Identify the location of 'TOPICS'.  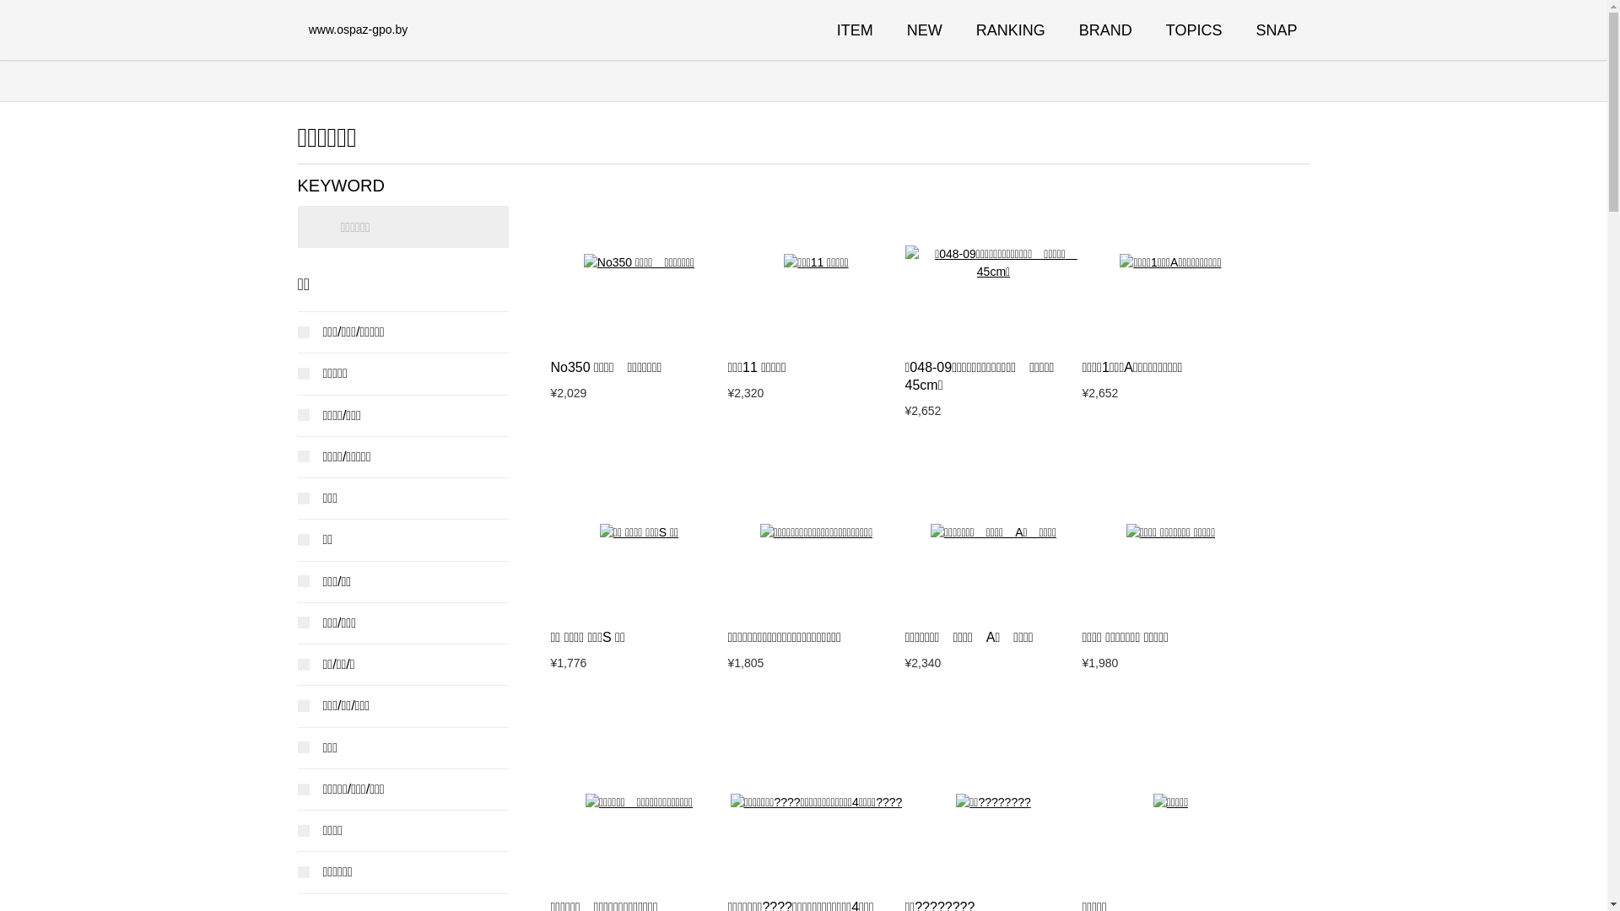
(1193, 30).